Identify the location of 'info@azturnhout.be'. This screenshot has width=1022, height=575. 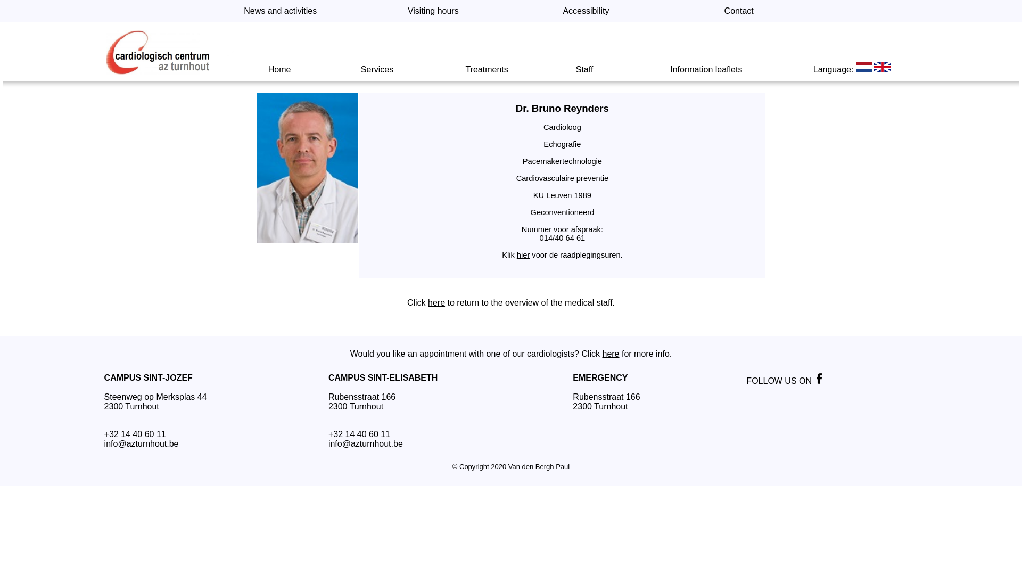
(141, 443).